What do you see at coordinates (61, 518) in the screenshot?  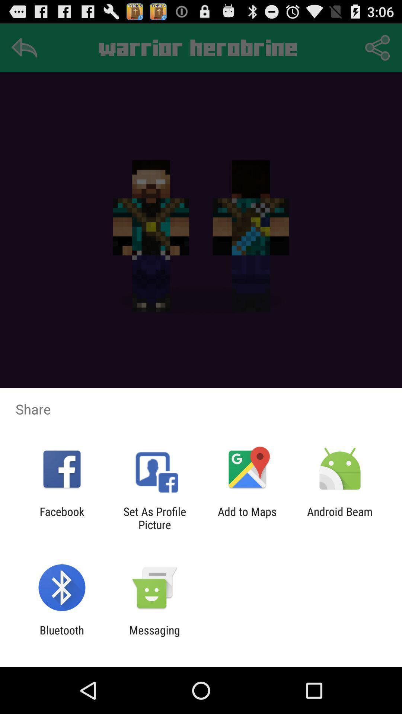 I see `app to the left of set as profile` at bounding box center [61, 518].